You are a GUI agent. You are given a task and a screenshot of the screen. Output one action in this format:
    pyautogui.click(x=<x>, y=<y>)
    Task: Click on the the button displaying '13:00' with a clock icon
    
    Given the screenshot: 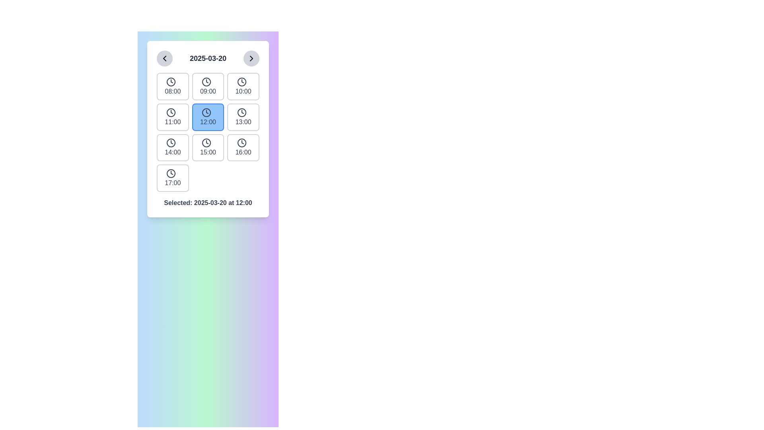 What is the action you would take?
    pyautogui.click(x=243, y=117)
    